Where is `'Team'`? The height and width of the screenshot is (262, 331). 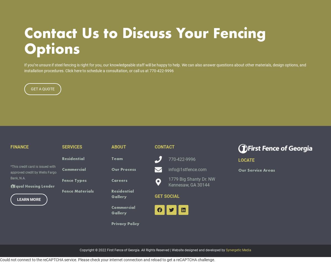 'Team' is located at coordinates (117, 166).